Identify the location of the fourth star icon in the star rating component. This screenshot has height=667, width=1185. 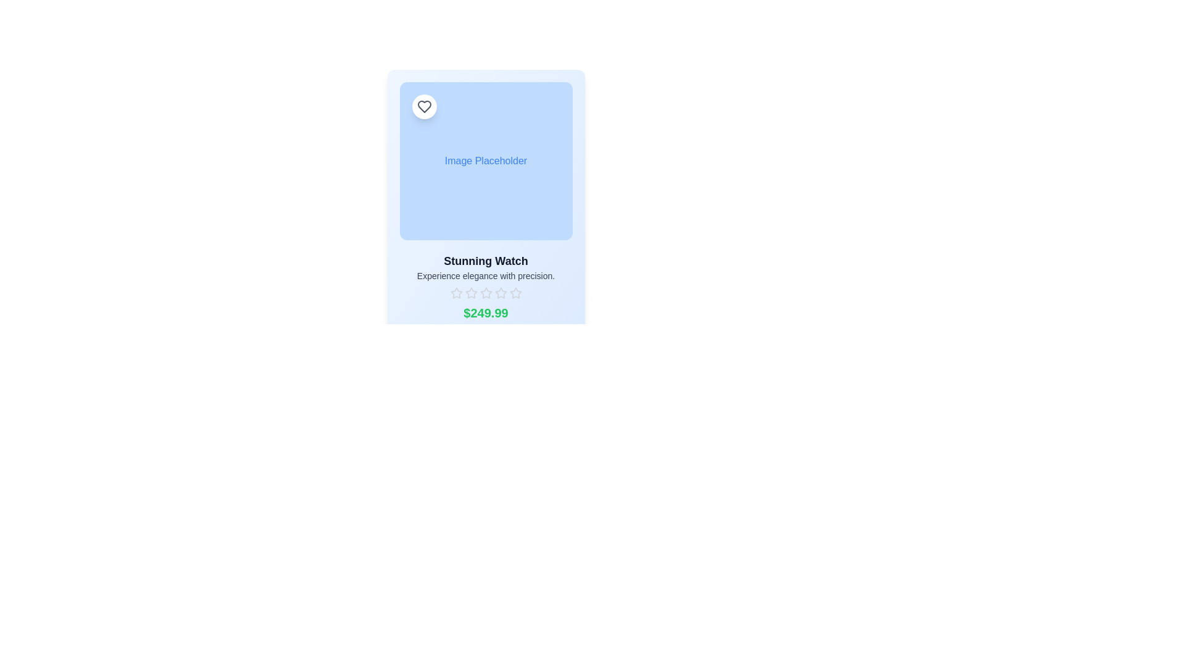
(515, 293).